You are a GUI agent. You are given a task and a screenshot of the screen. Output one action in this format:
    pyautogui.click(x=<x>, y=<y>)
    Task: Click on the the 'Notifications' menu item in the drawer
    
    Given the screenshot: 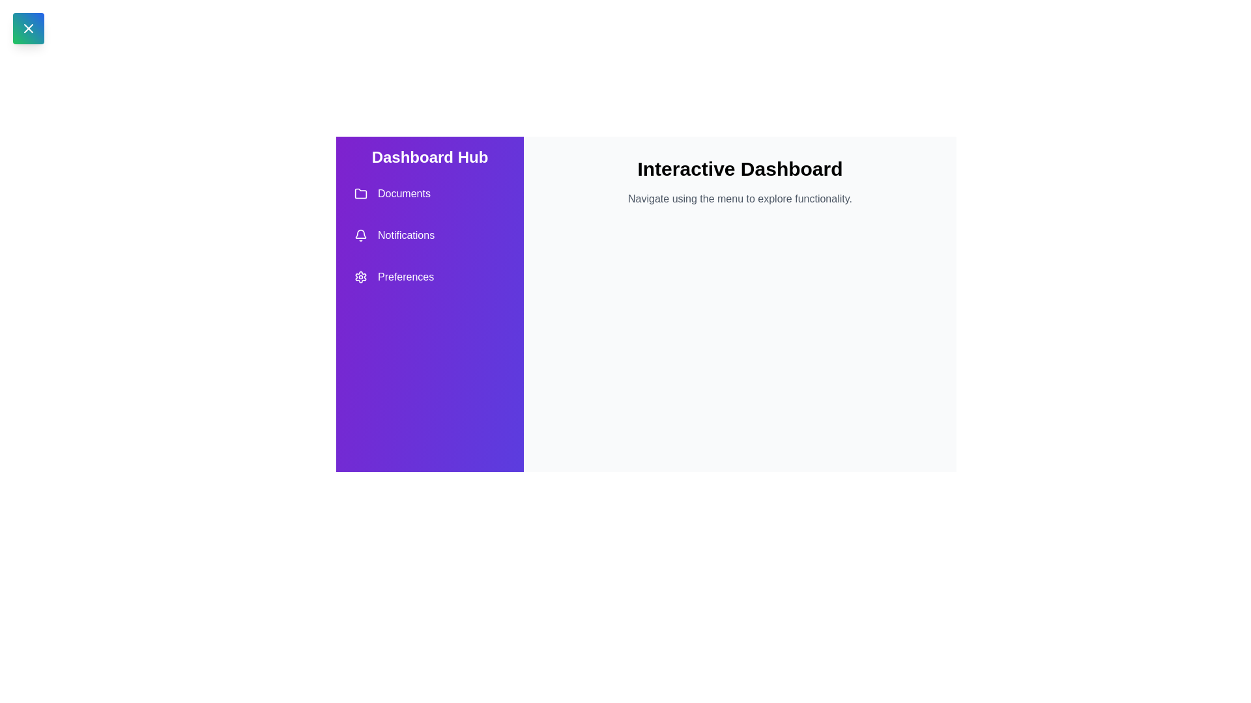 What is the action you would take?
    pyautogui.click(x=430, y=236)
    